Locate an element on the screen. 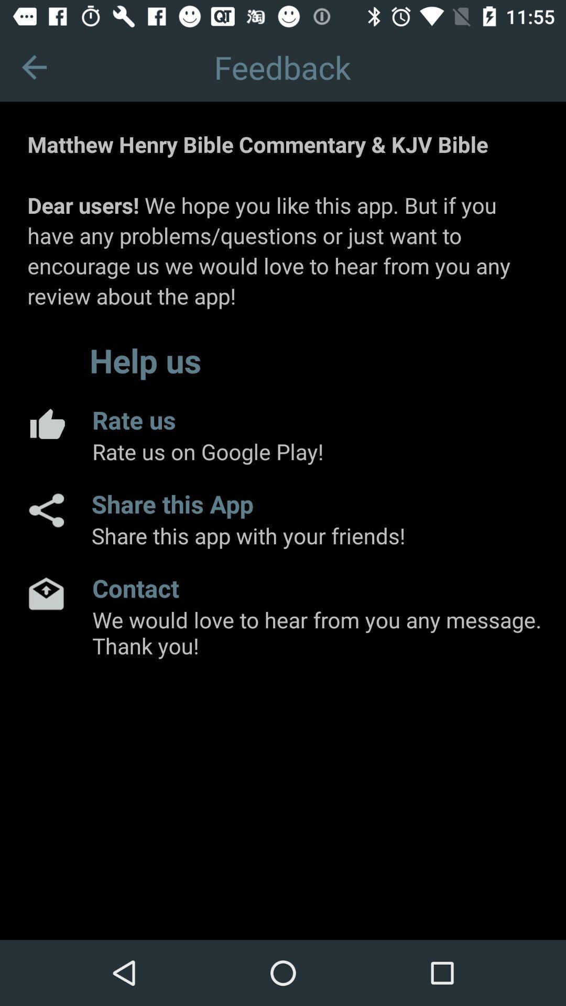  share the app is located at coordinates (45, 510).